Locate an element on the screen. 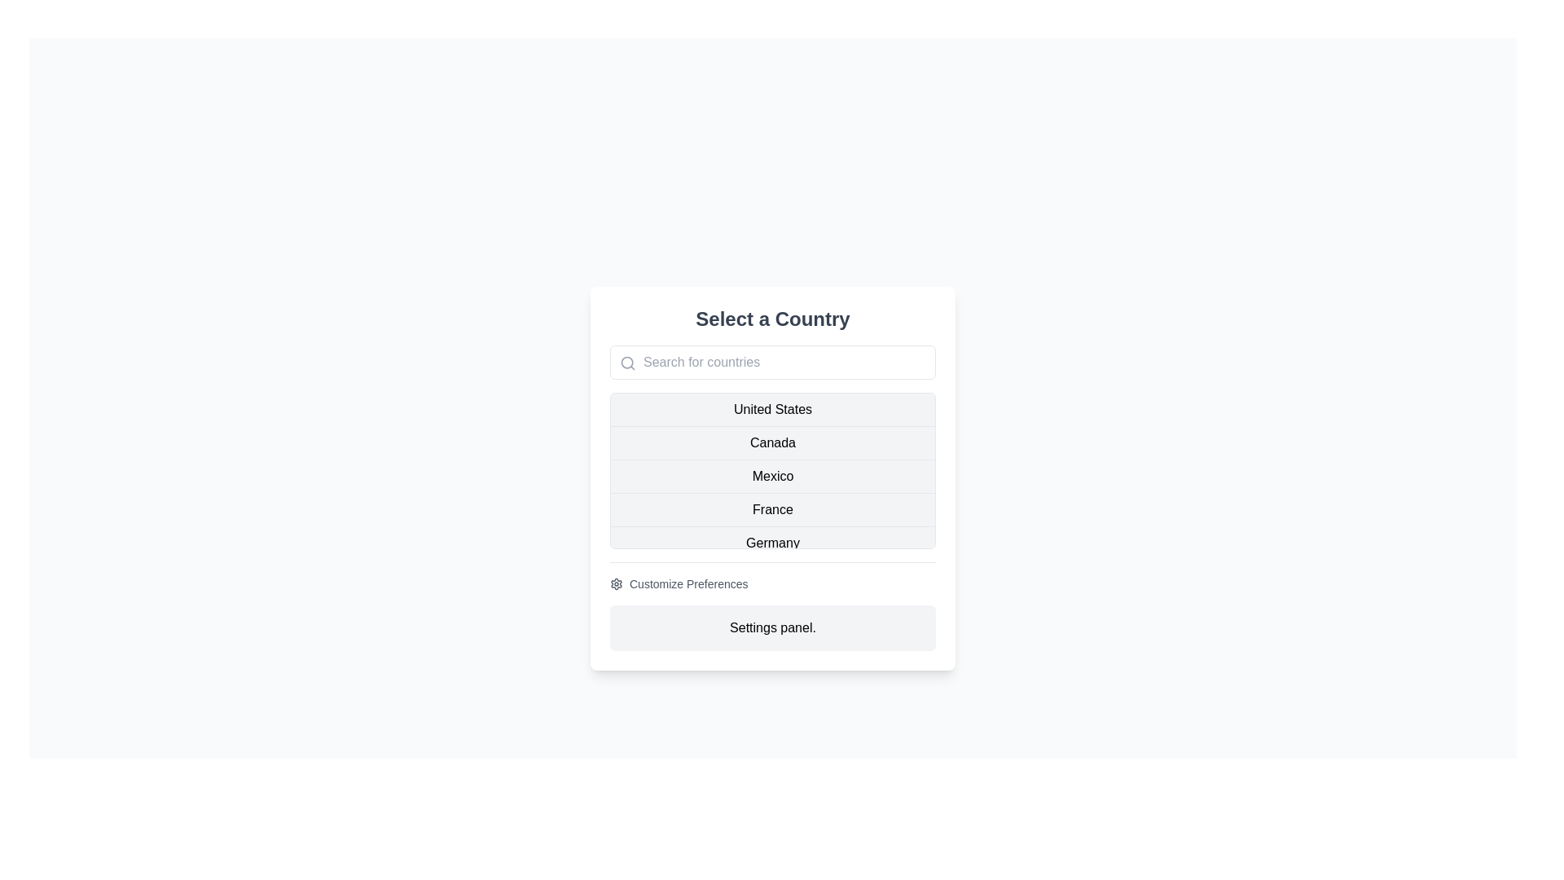 The height and width of the screenshot is (880, 1564). the search icon resembling a magnifying glass located at the beginning of the input field labeled 'Search for countries' is located at coordinates (627, 361).